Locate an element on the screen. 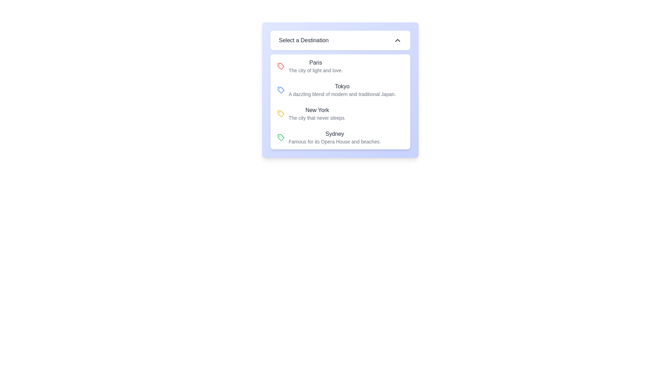 This screenshot has height=377, width=671. the Dropdown trigger labeled 'Select a Destination' with a white background and rounded corners is located at coordinates (340, 40).